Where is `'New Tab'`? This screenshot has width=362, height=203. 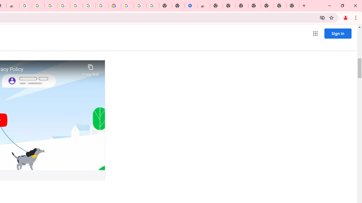
'New Tab' is located at coordinates (293, 6).